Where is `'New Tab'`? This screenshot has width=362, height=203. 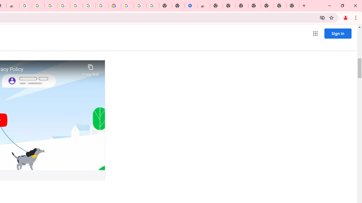
'New Tab' is located at coordinates (293, 6).